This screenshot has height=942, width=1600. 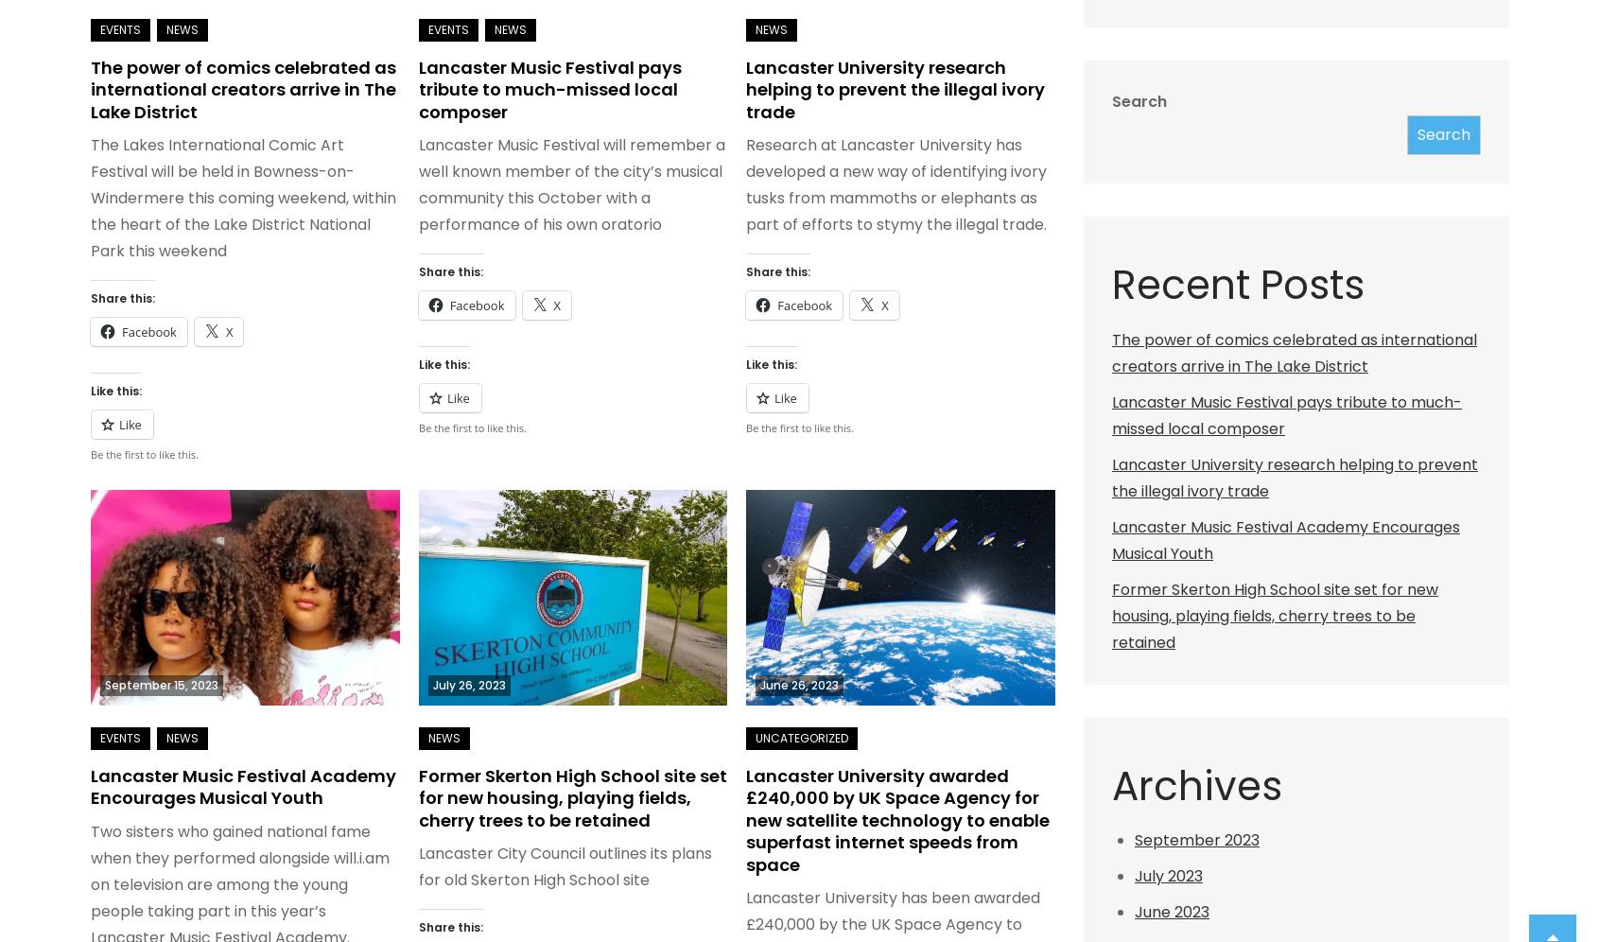 What do you see at coordinates (1196, 839) in the screenshot?
I see `'September 2023'` at bounding box center [1196, 839].